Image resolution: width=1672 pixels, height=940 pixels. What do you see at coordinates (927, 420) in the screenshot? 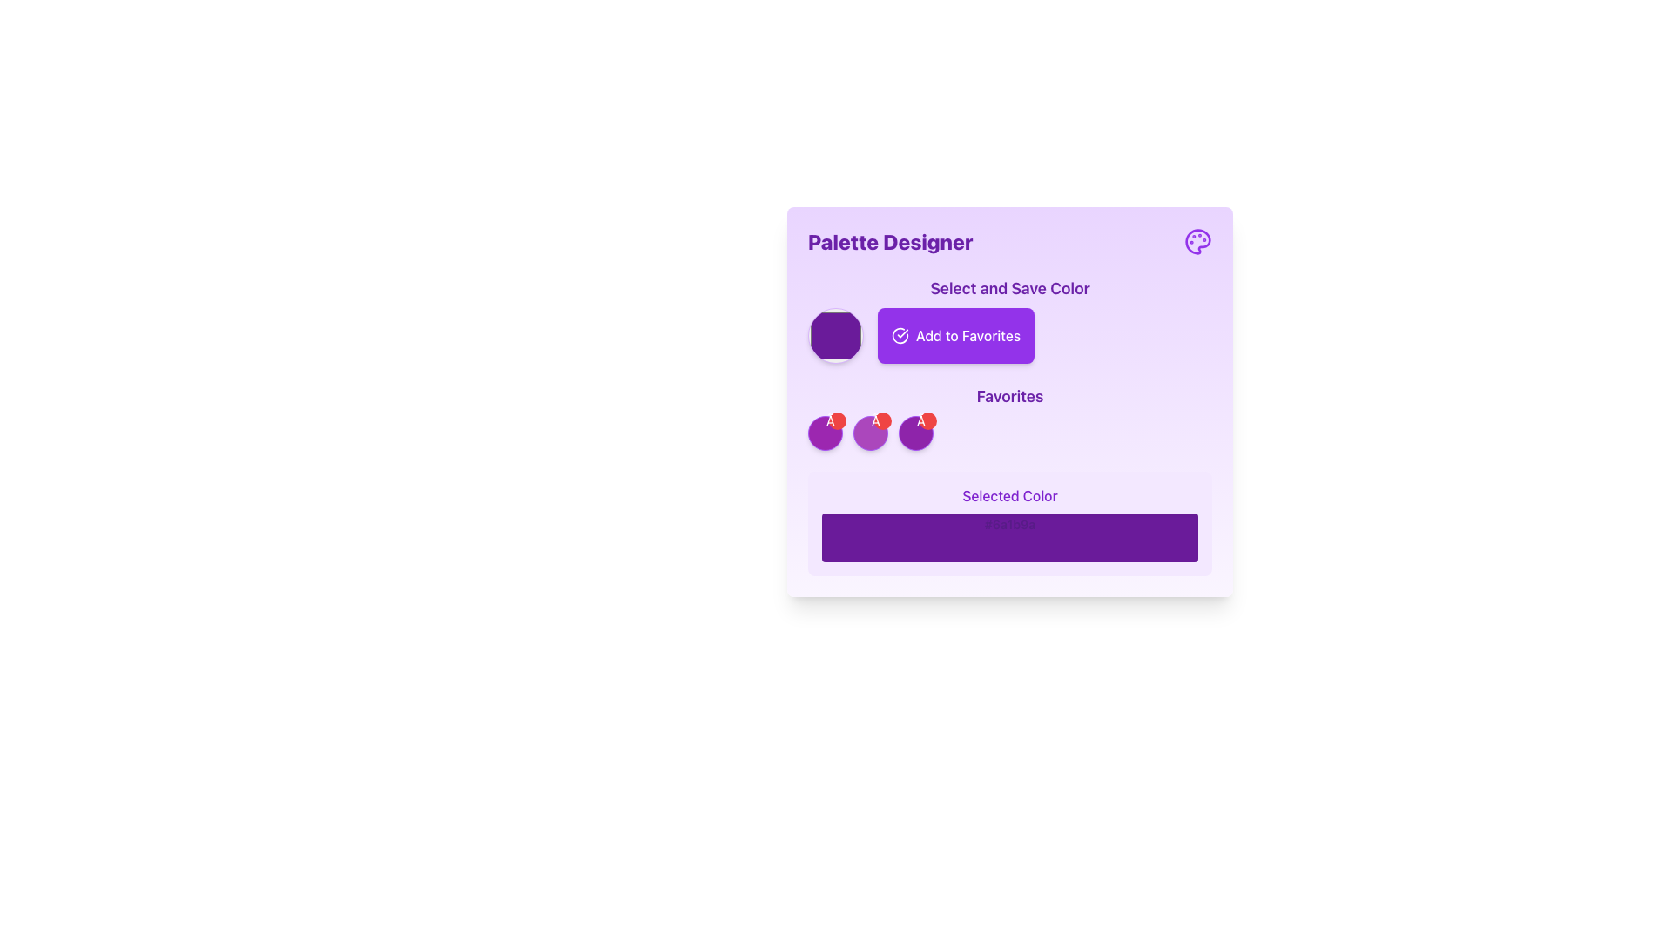
I see `the small red circular button with a white '×' symbol located at the top-right corner of the purple circular component` at bounding box center [927, 420].